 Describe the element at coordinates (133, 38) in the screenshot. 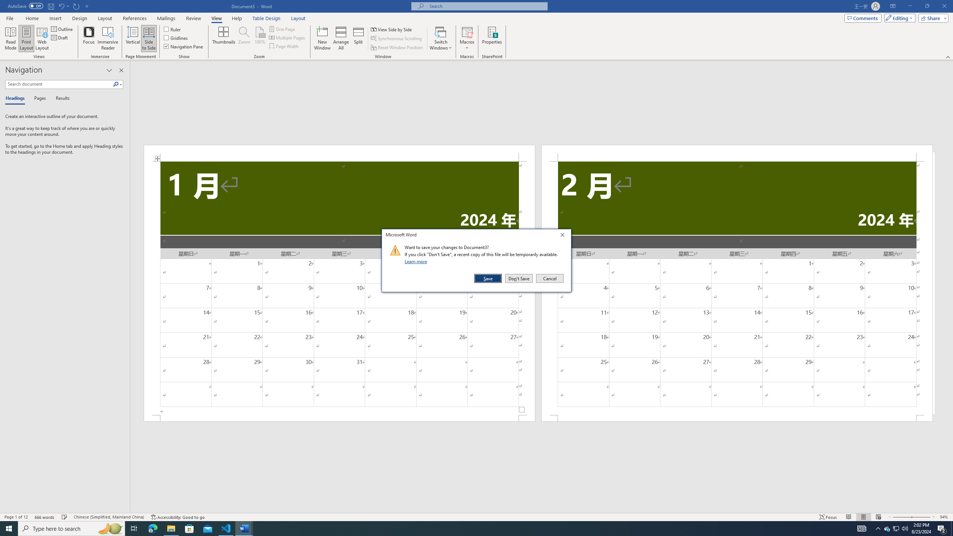

I see `'Vertical'` at that location.